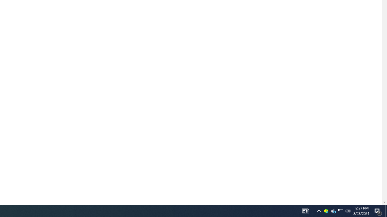  What do you see at coordinates (348, 210) in the screenshot?
I see `'Q2790: 100%'` at bounding box center [348, 210].